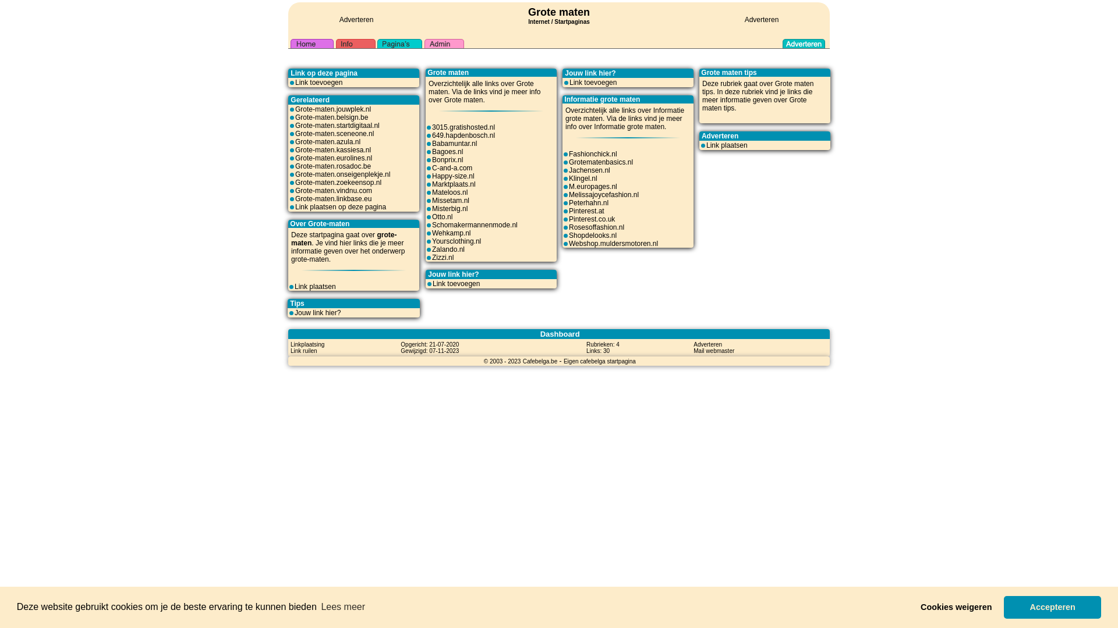 This screenshot has width=1118, height=628. I want to click on 'Wehkamp.nl', so click(450, 233).